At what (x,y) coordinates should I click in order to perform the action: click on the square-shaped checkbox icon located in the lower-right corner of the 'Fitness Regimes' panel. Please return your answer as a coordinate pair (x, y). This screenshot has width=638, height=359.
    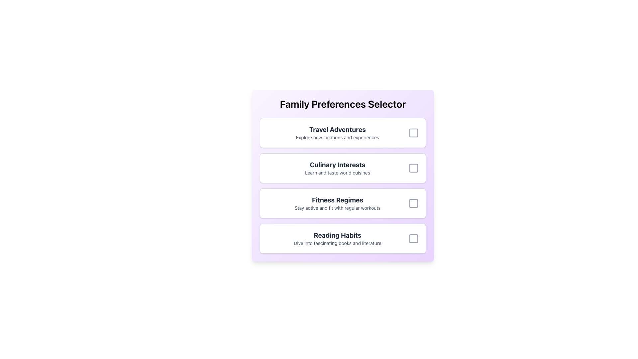
    Looking at the image, I should click on (413, 203).